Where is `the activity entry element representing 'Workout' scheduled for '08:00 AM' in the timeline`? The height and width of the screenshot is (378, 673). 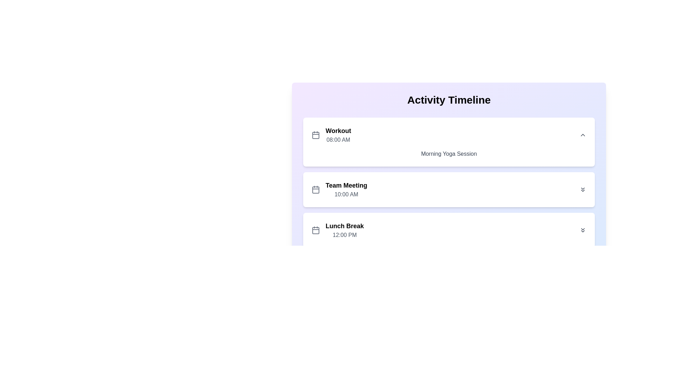 the activity entry element representing 'Workout' scheduled for '08:00 AM' in the timeline is located at coordinates (331, 135).